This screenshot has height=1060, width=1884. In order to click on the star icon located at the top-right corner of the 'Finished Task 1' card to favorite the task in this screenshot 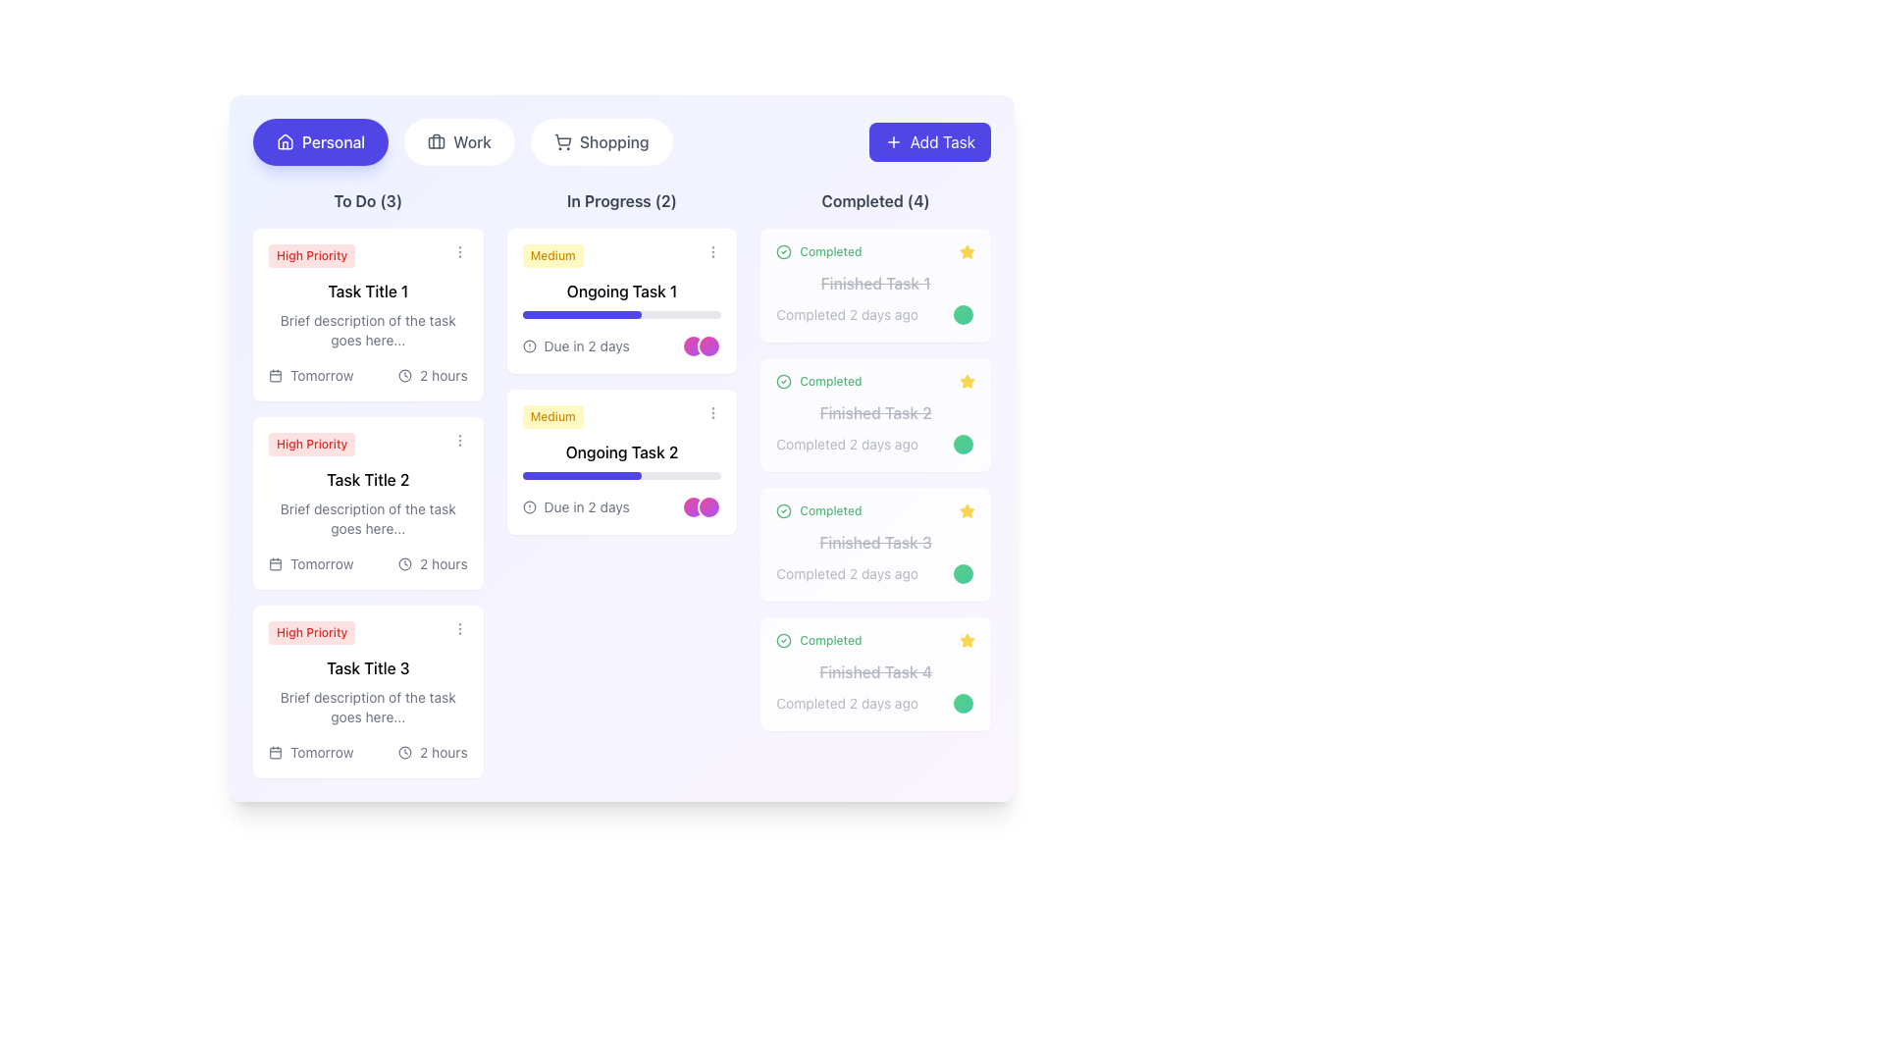, I will do `click(967, 640)`.